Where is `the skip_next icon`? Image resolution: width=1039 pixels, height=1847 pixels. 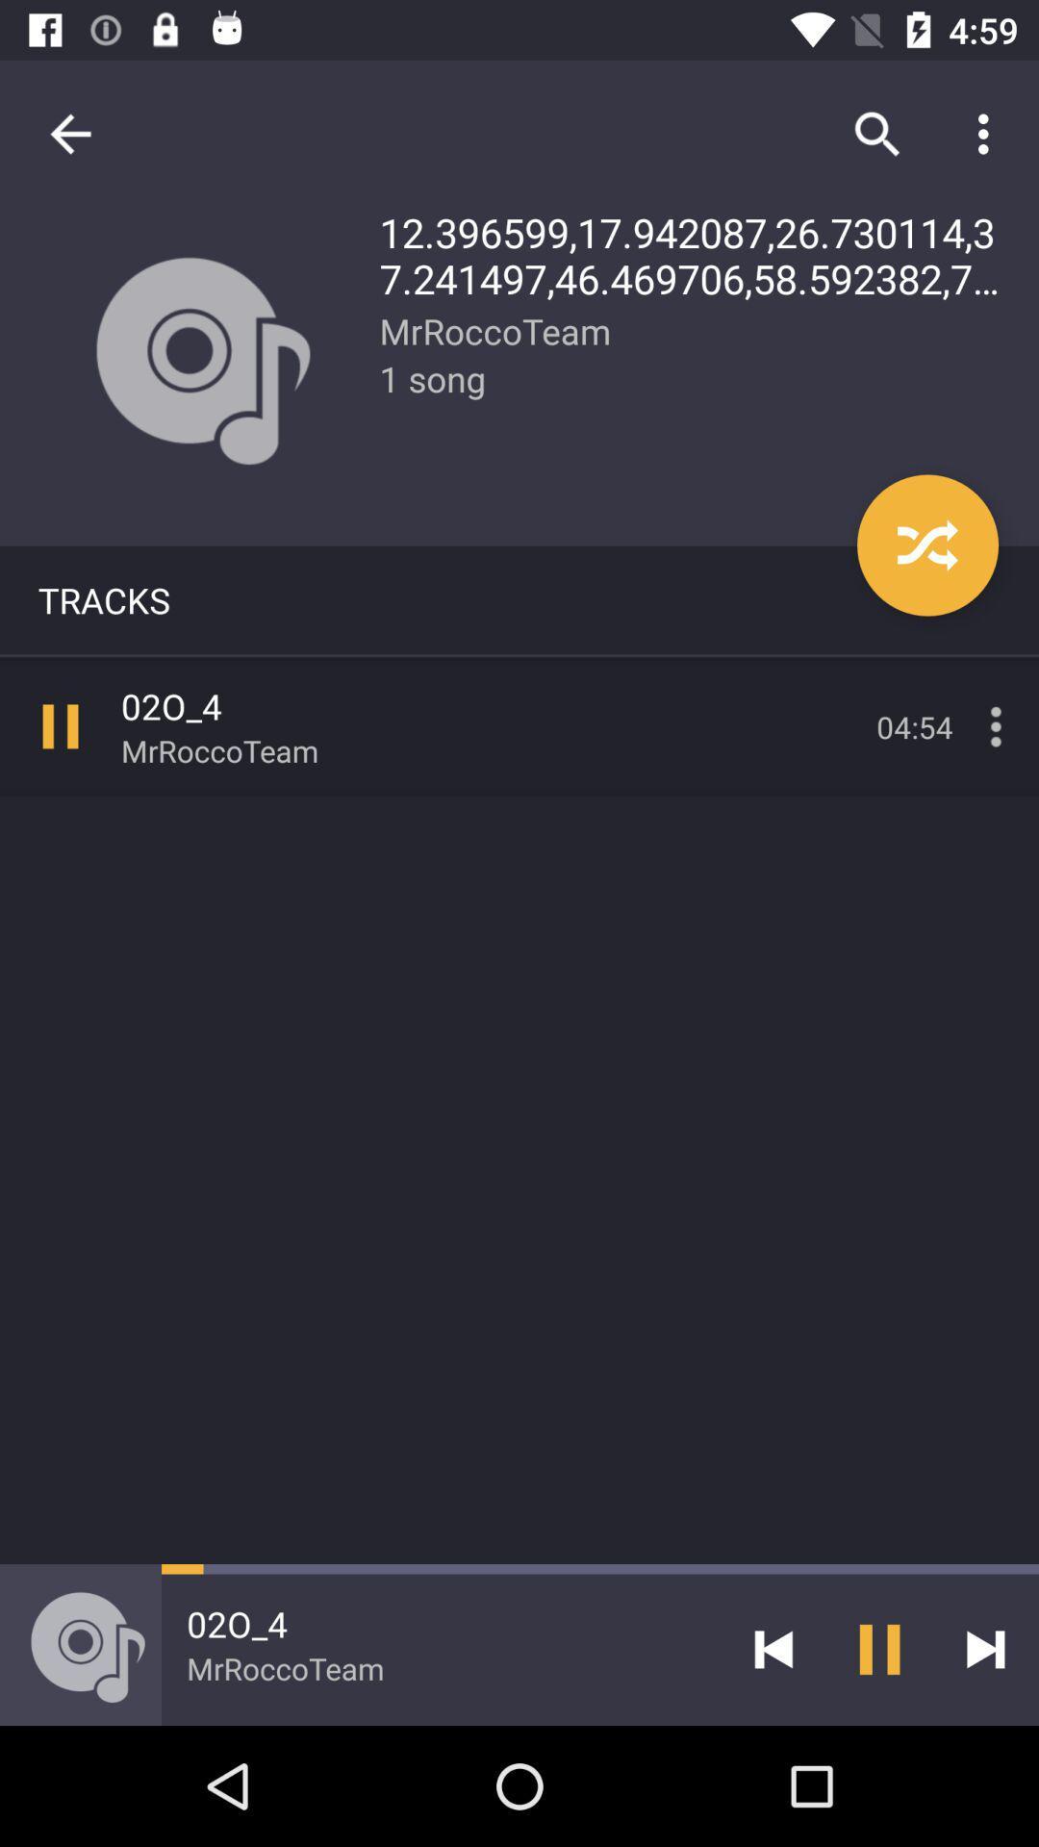
the skip_next icon is located at coordinates (985, 1648).